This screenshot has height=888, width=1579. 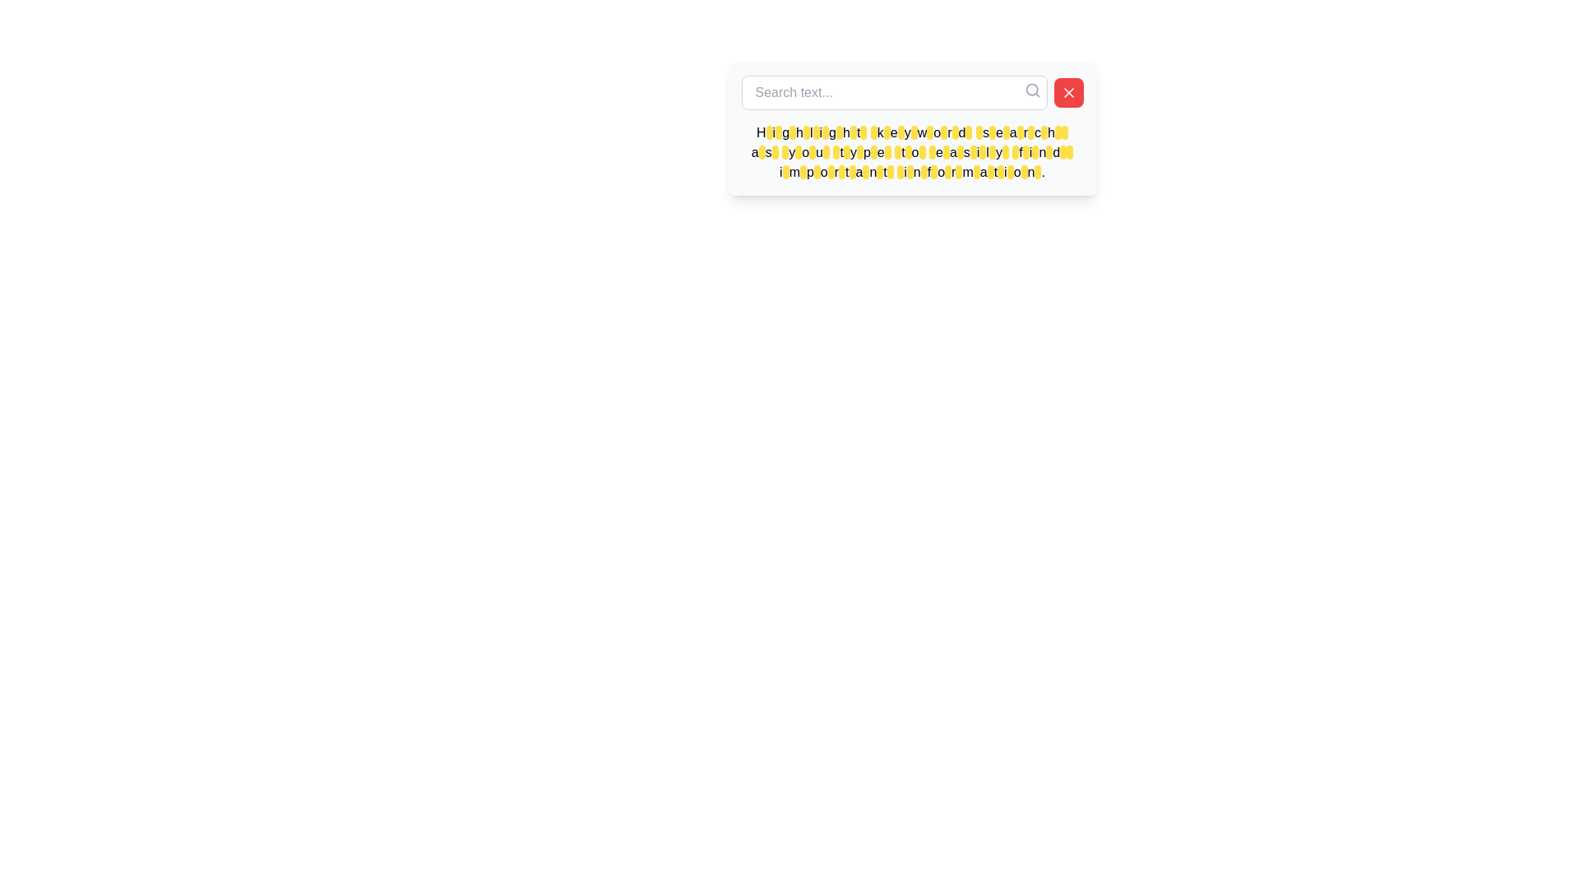 What do you see at coordinates (897, 152) in the screenshot?
I see `the 12th highlighted segment which is a small, rounded rectangular element with a yellow background, located within the sentence 'Highlight keyword search as you type to easily find important information.'` at bounding box center [897, 152].